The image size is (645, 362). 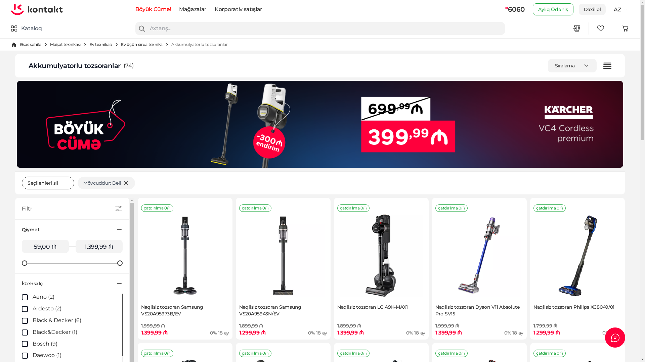 I want to click on 'Naqilsiz tozsoran Samsung VS20A95943N/EV ', so click(x=242, y=256).